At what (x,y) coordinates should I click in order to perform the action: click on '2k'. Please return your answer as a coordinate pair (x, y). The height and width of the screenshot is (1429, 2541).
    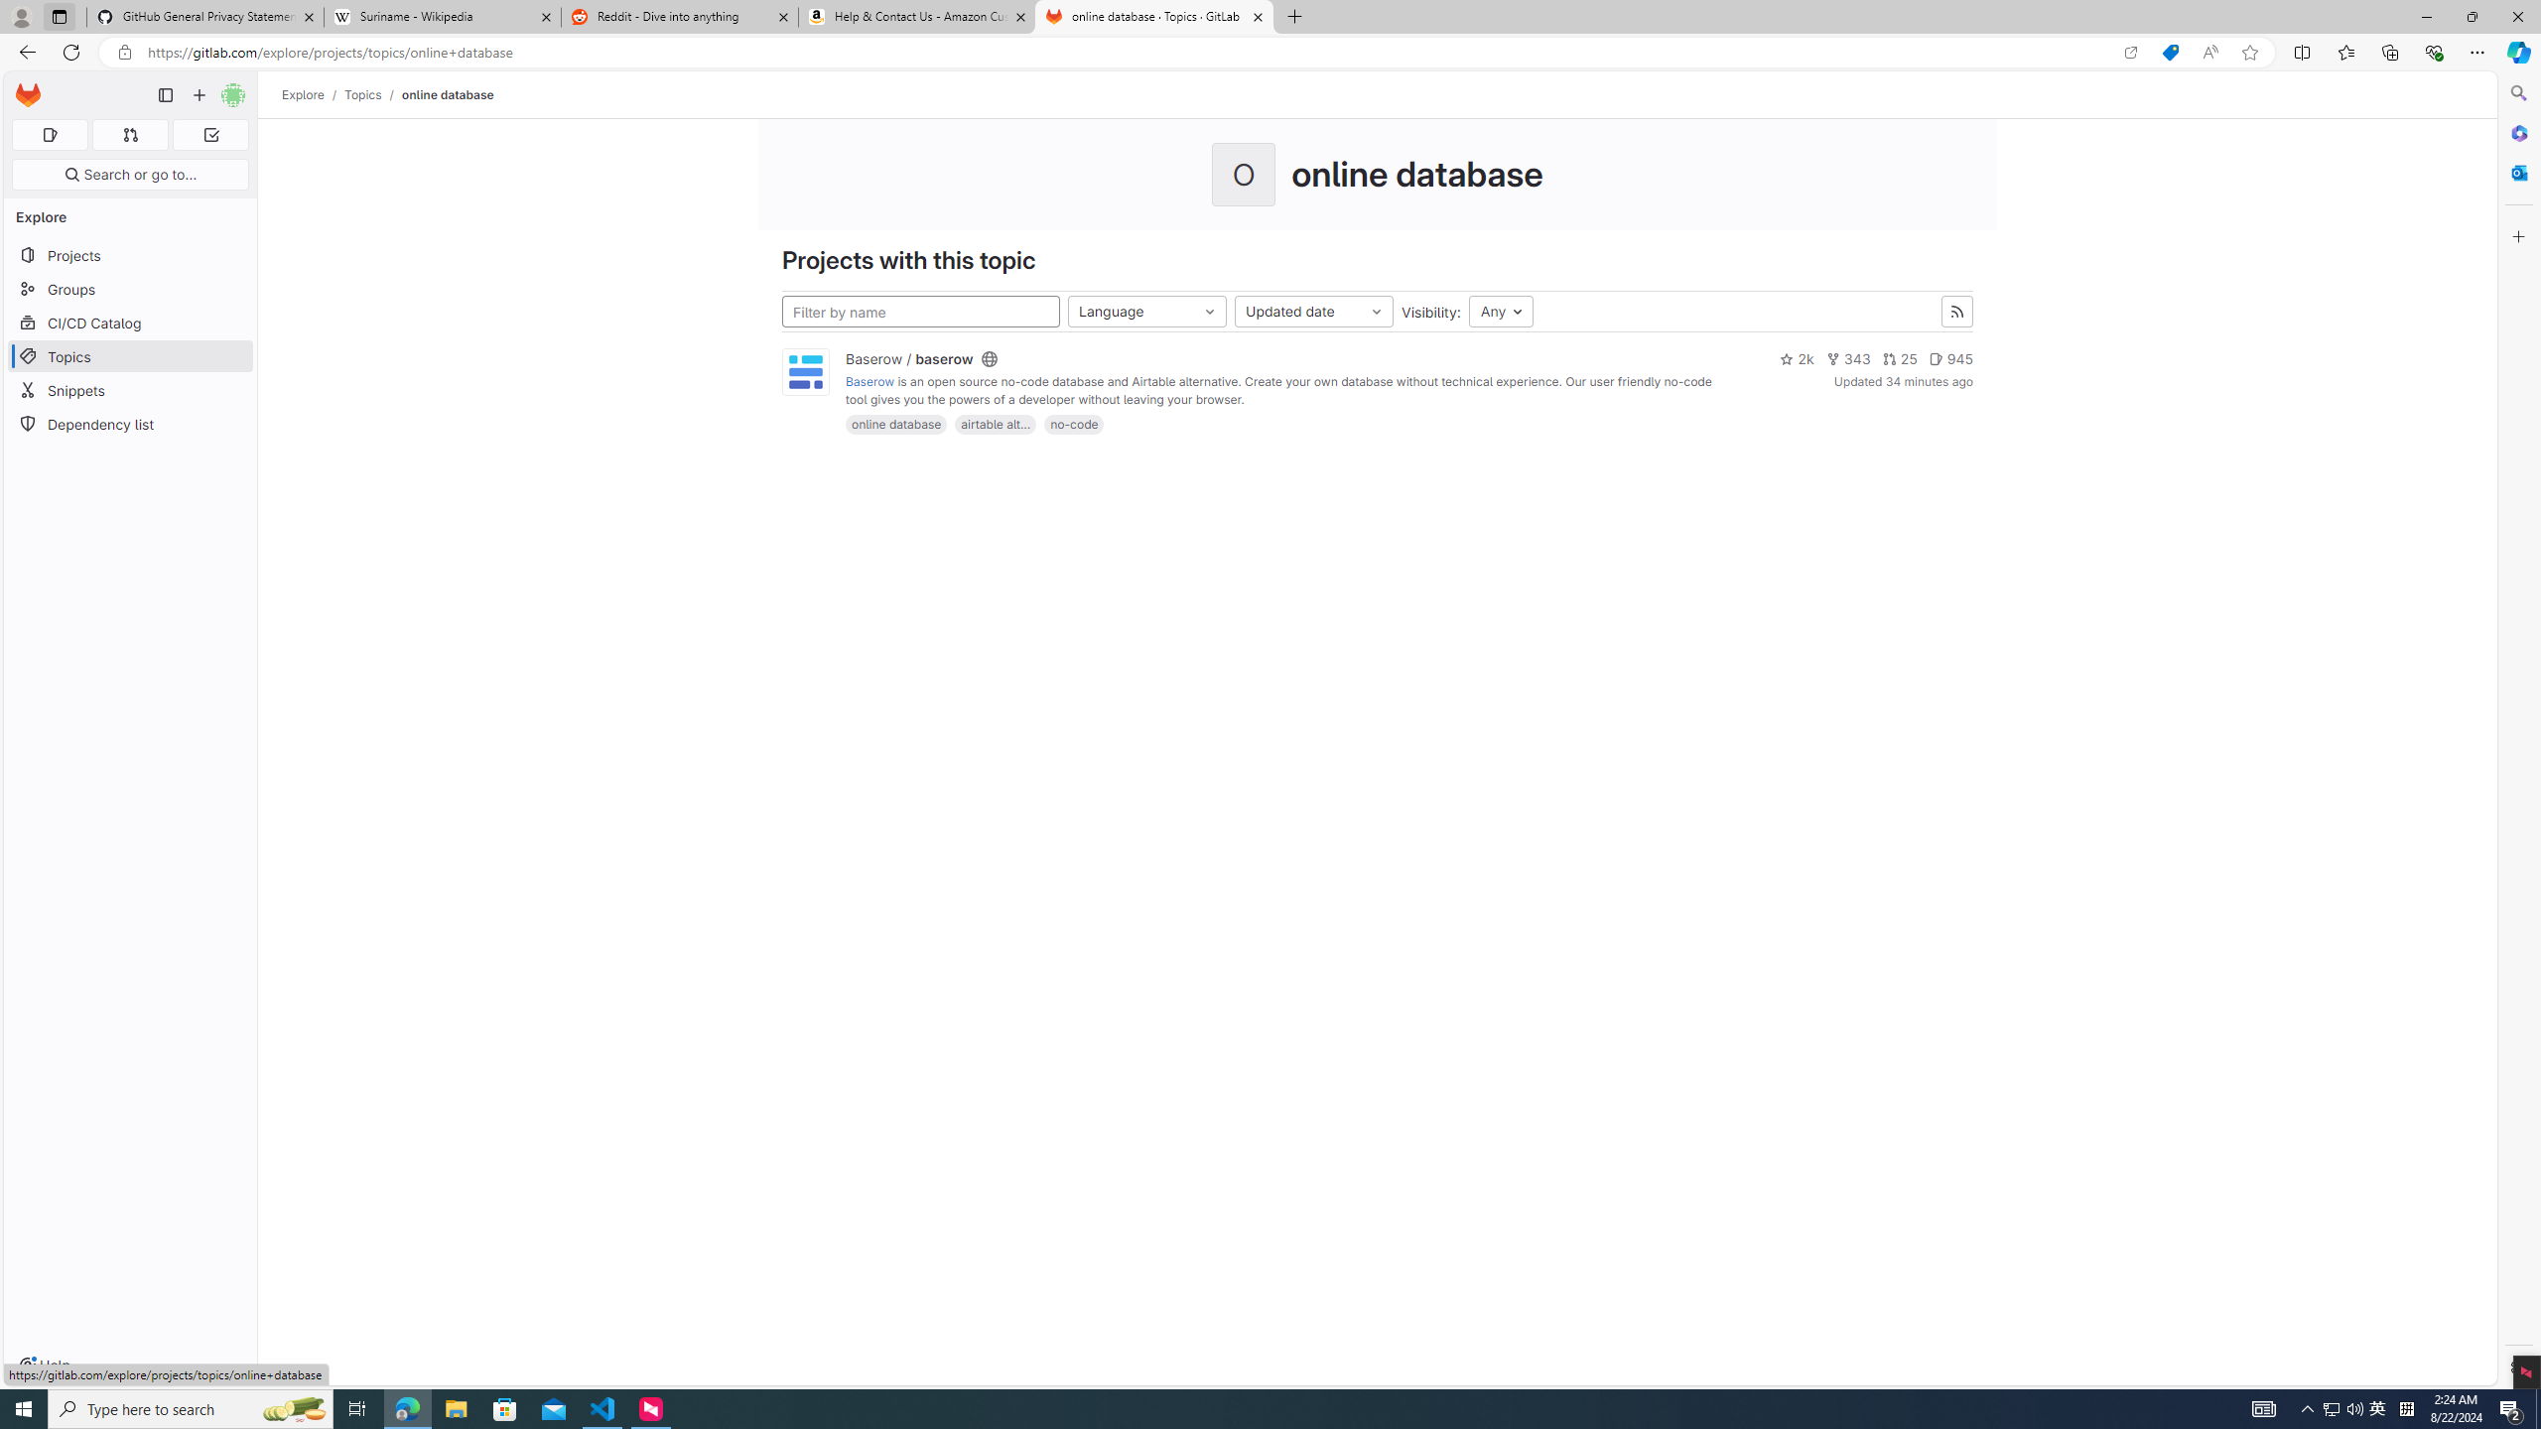
    Looking at the image, I should click on (1796, 358).